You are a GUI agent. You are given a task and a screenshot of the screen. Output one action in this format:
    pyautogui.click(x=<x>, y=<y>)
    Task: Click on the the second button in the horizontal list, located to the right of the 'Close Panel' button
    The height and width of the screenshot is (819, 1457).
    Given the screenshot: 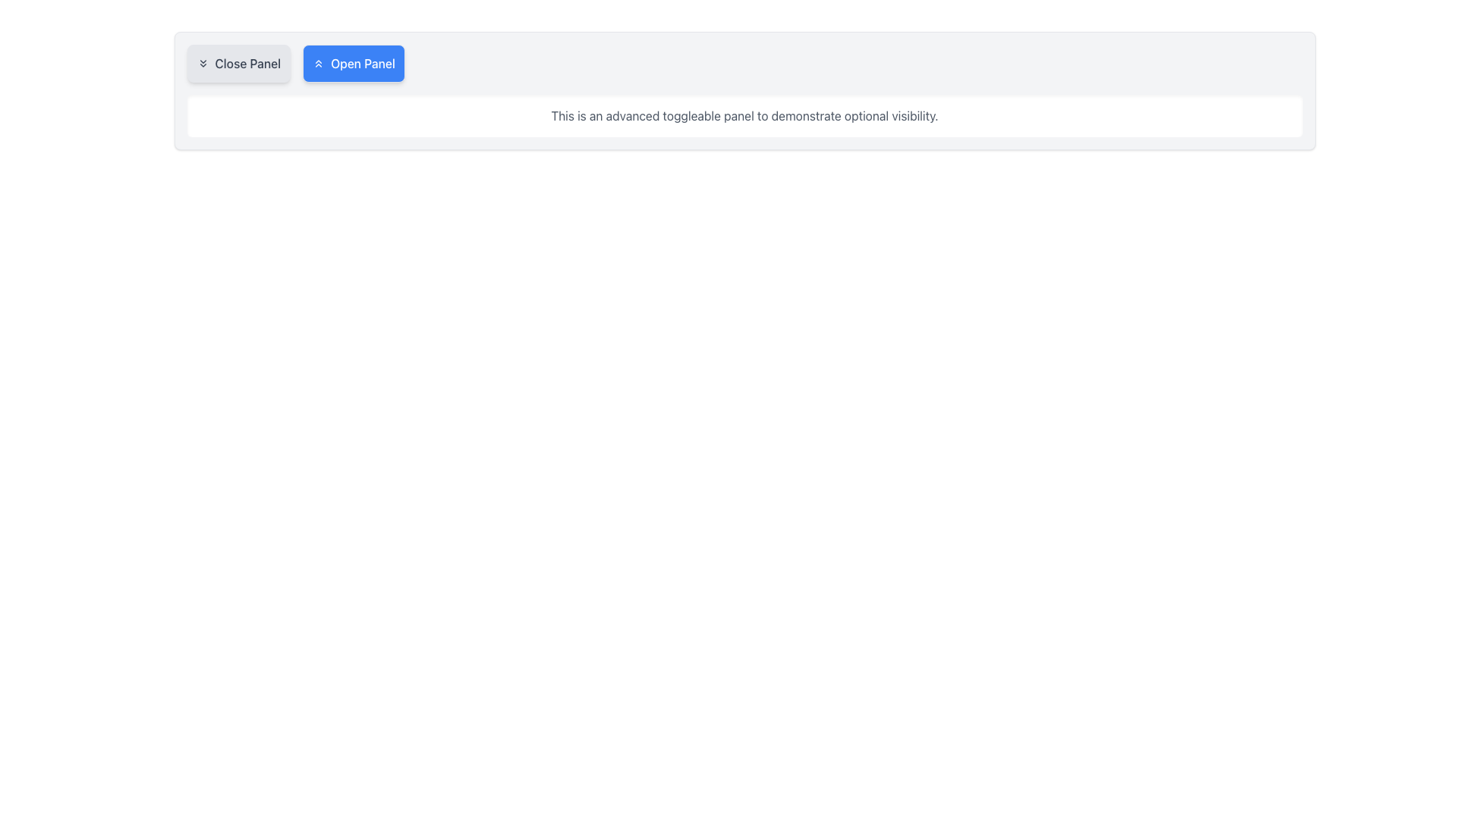 What is the action you would take?
    pyautogui.click(x=353, y=63)
    